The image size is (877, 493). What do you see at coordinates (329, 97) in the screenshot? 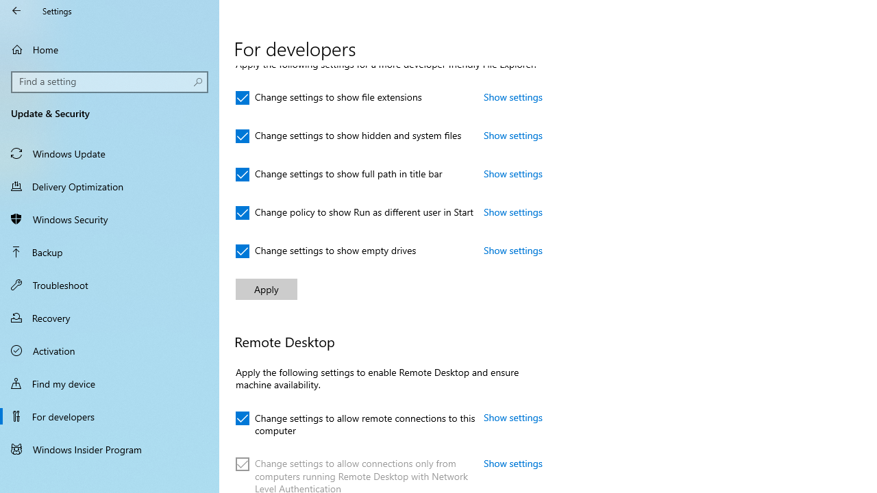
I see `'Change settings to show file extensions'` at bounding box center [329, 97].